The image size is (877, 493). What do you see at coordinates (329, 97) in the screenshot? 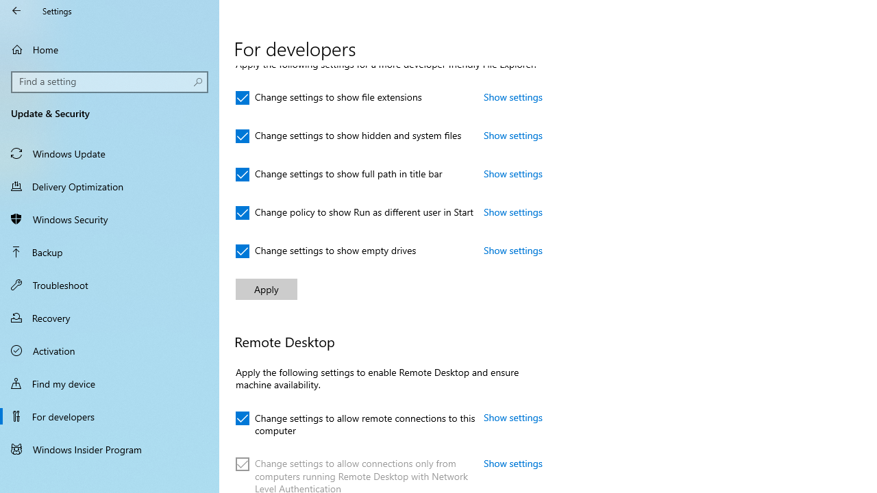
I see `'Change settings to show file extensions'` at bounding box center [329, 97].